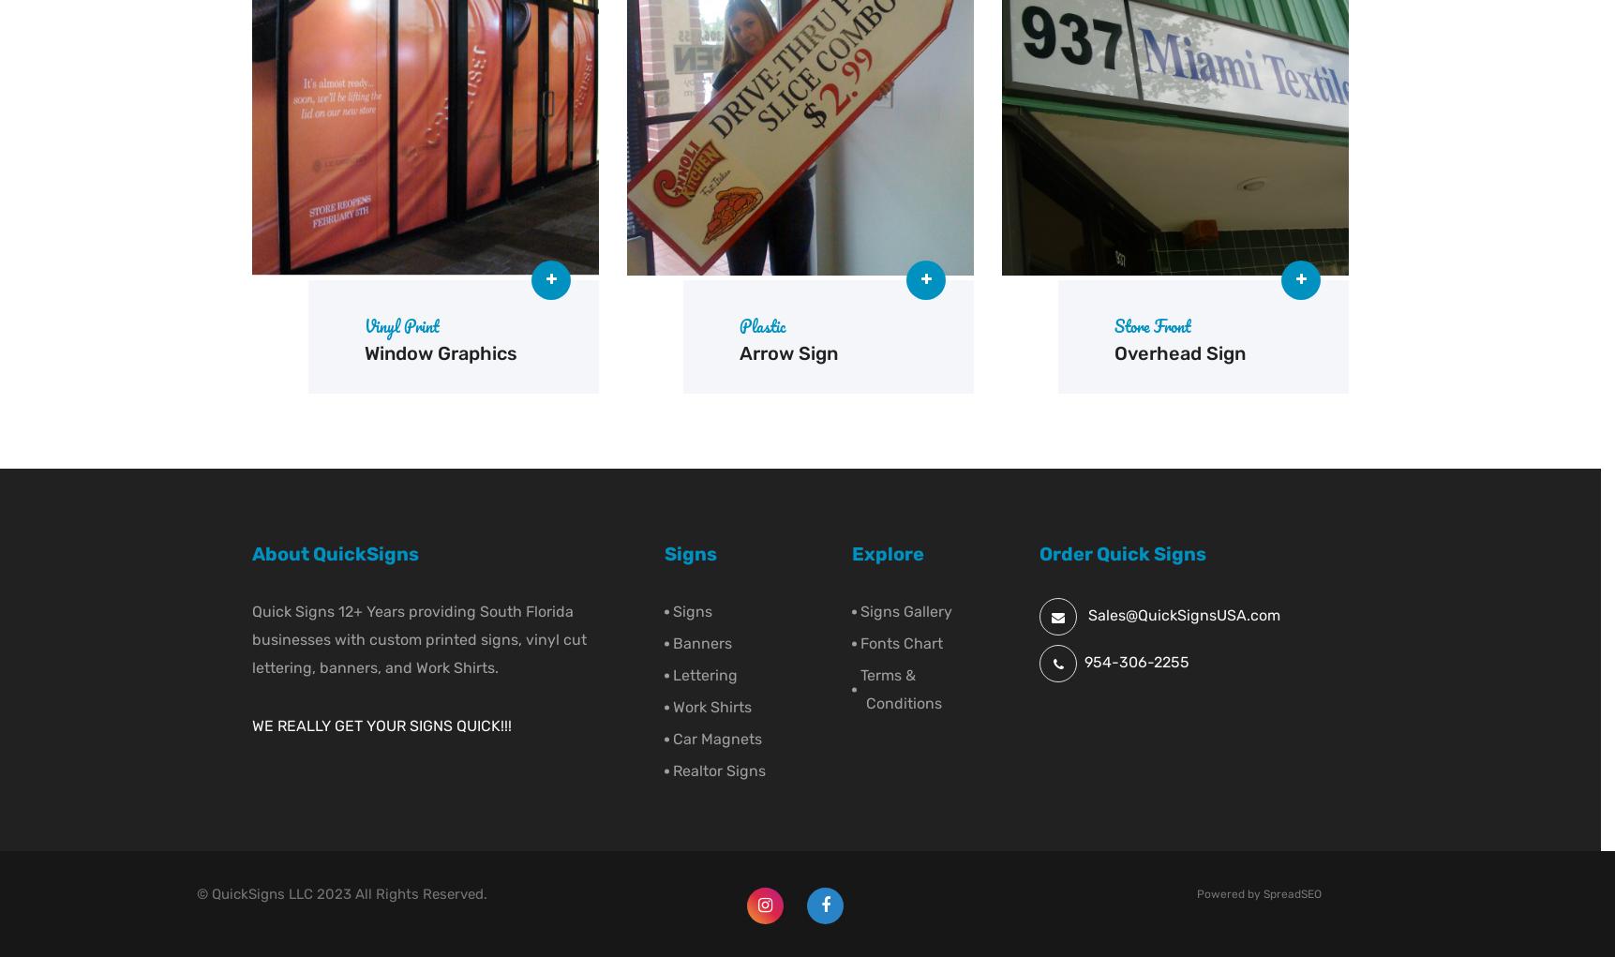  Describe the element at coordinates (1292, 893) in the screenshot. I see `'SpreadSEO'` at that location.